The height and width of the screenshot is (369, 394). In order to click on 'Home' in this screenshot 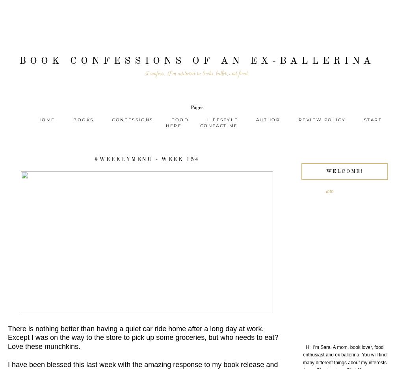, I will do `click(46, 119)`.